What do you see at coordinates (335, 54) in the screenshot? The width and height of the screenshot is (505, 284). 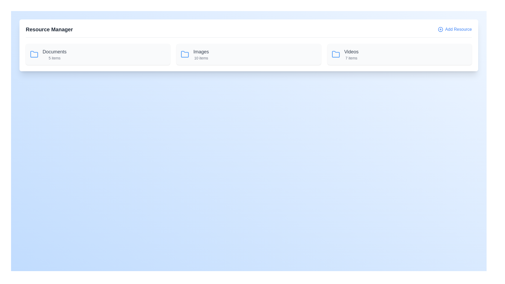 I see `the blue rounded folder icon located directly before the 'Videos' label` at bounding box center [335, 54].